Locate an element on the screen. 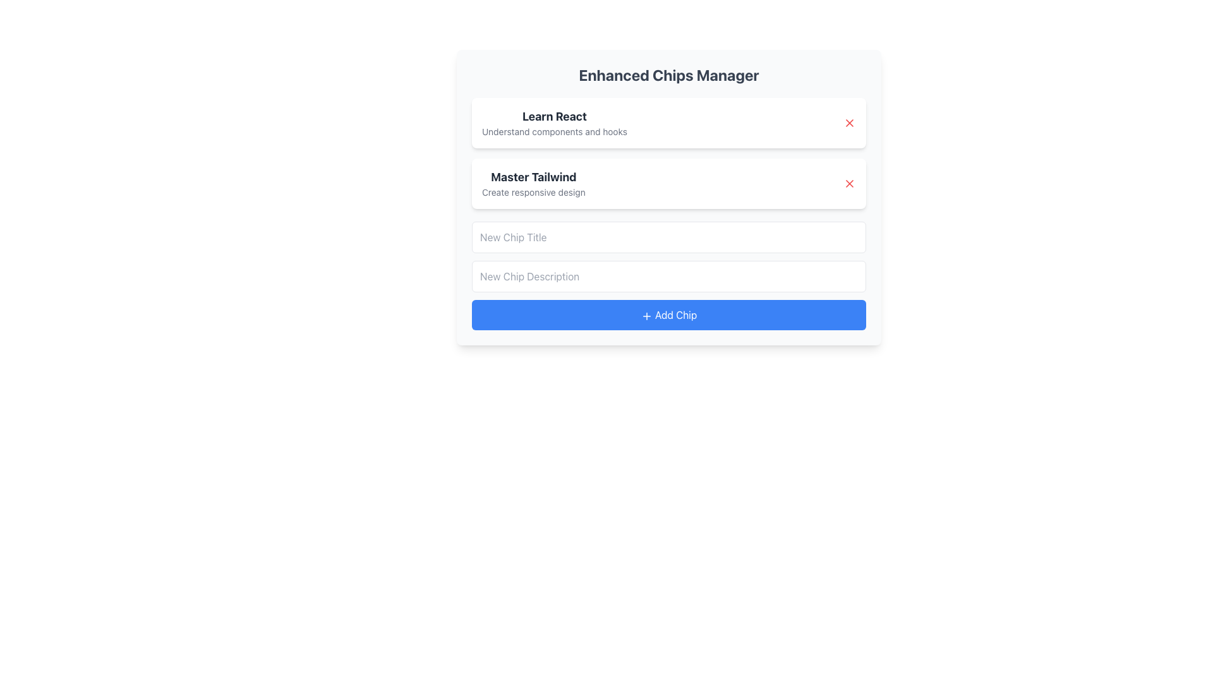  the 'Add Chip' button, which has a vibrant blue background and white text with a plus sign is located at coordinates (668, 314).